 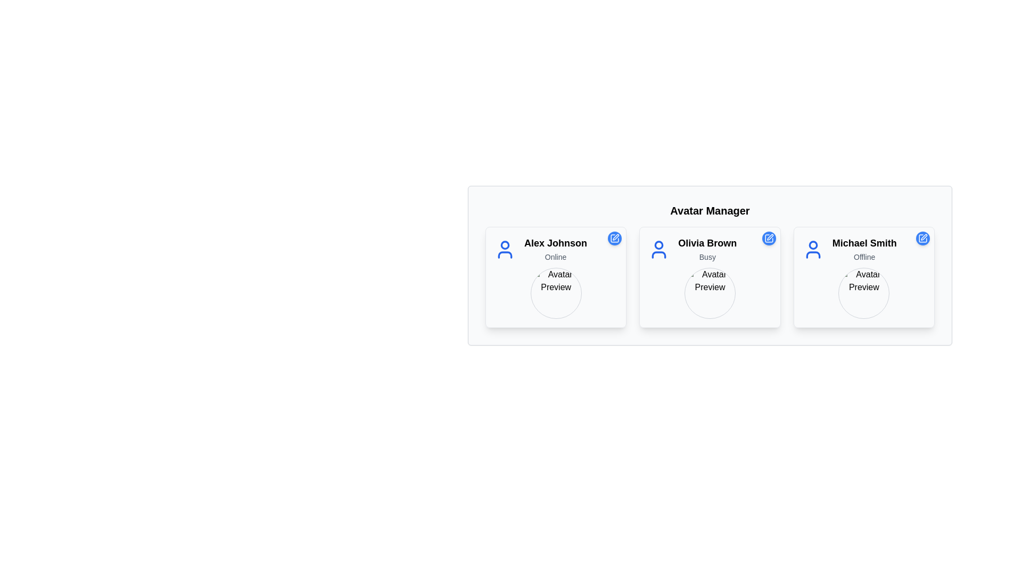 I want to click on the Profile Display section containing the user profile icon and text "Olivia Brown" to focus on it, so click(x=710, y=250).